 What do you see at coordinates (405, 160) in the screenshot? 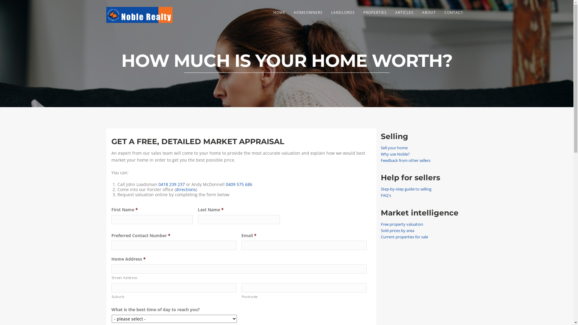
I see `'Feedback from other sellers'` at bounding box center [405, 160].